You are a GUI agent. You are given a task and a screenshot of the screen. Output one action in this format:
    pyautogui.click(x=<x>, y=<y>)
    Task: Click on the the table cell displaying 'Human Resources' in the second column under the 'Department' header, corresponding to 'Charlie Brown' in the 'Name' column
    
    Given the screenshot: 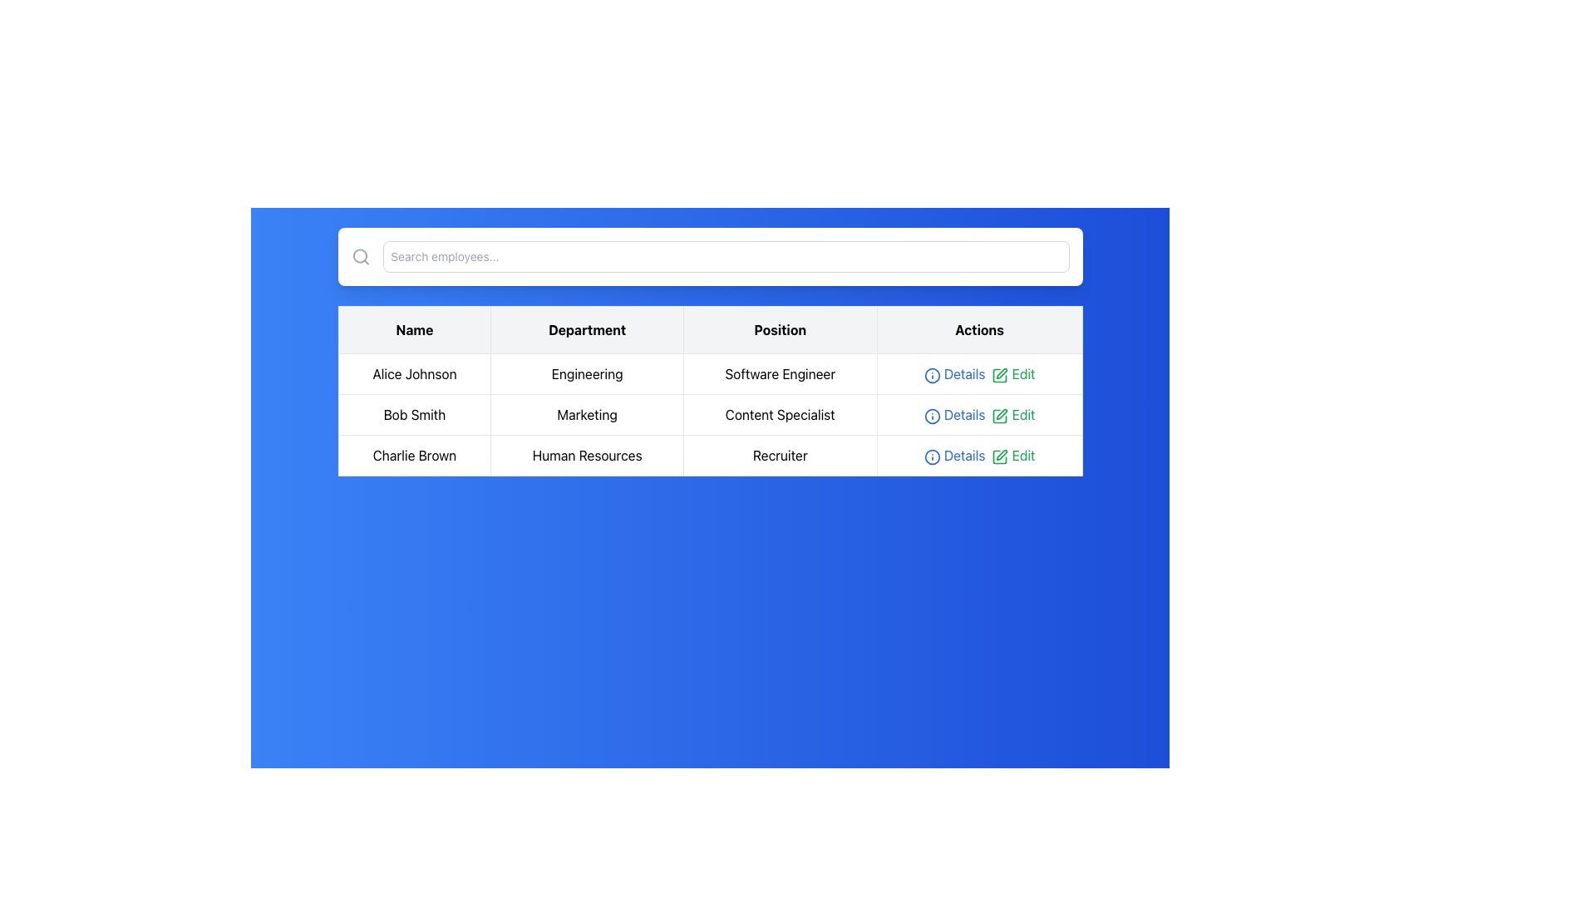 What is the action you would take?
    pyautogui.click(x=587, y=455)
    